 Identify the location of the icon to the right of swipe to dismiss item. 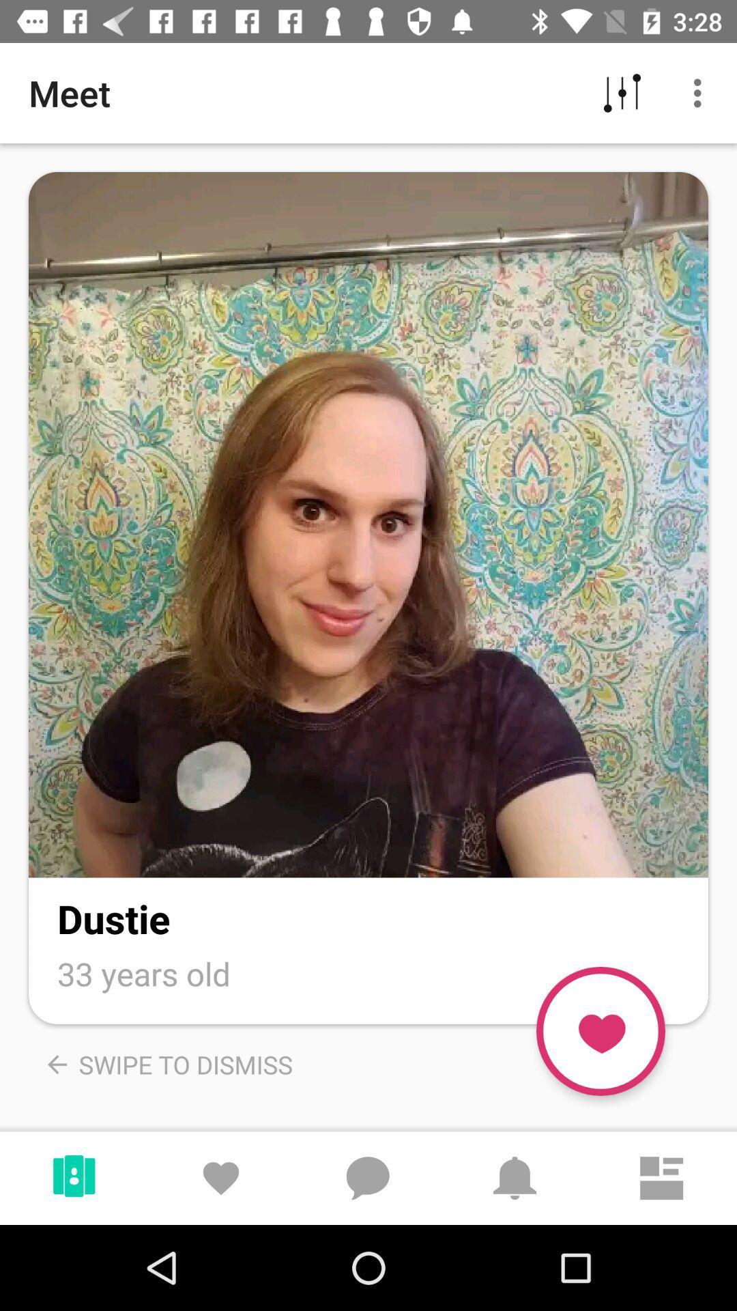
(600, 1031).